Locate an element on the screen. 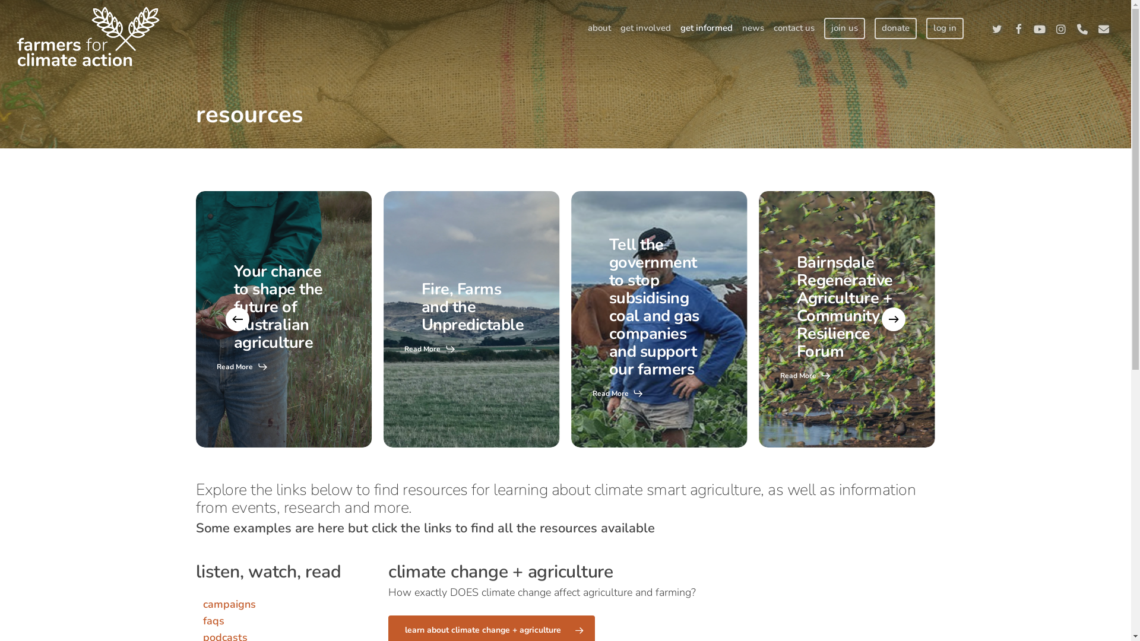 The height and width of the screenshot is (641, 1140). 'contact us' is located at coordinates (794, 27).